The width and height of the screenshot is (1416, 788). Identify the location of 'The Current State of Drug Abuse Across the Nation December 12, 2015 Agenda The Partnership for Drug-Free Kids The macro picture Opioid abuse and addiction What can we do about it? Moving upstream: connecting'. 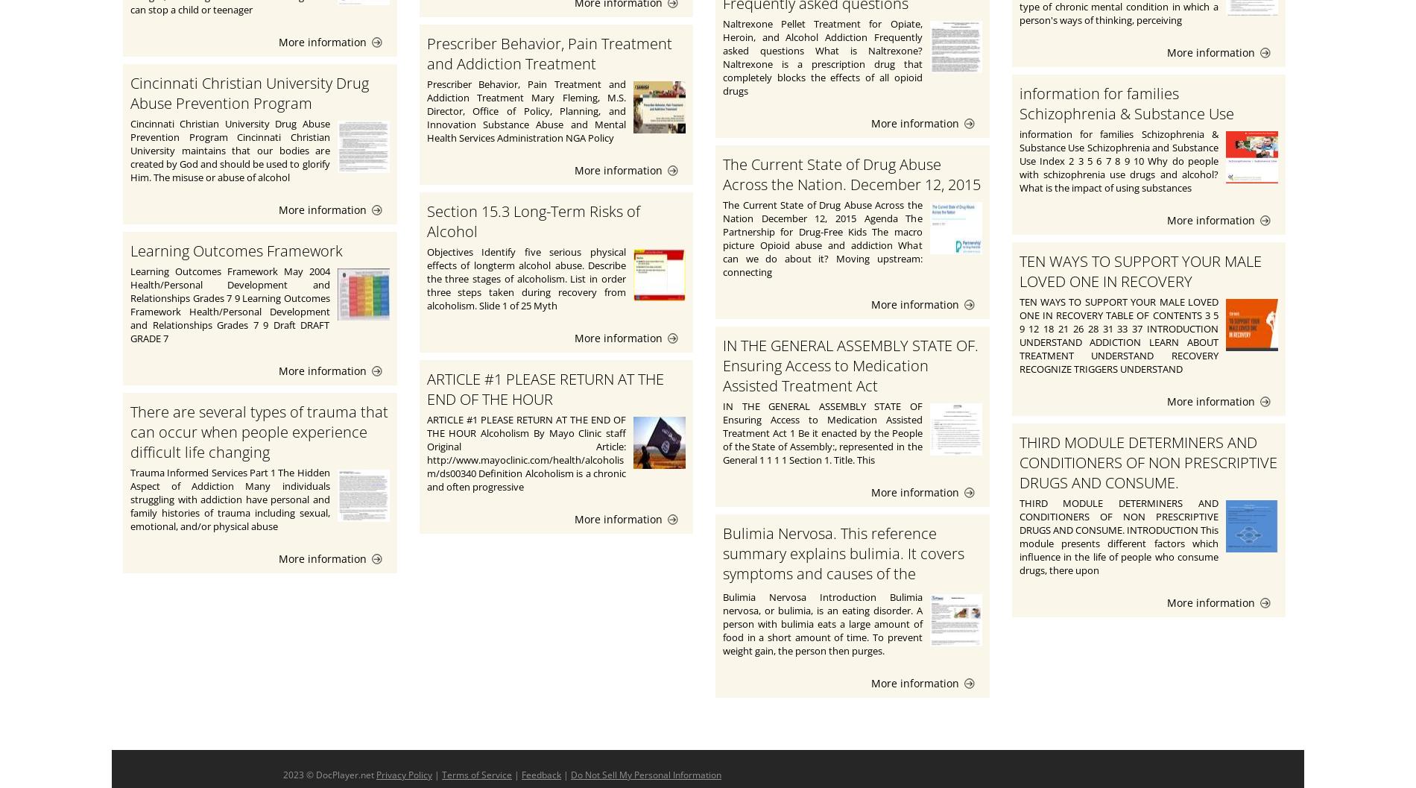
(722, 238).